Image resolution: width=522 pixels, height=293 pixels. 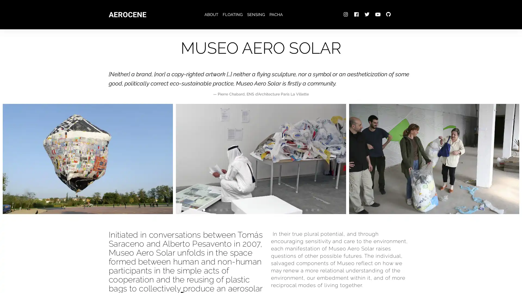 What do you see at coordinates (266, 210) in the screenshot?
I see `Go to slide 12` at bounding box center [266, 210].